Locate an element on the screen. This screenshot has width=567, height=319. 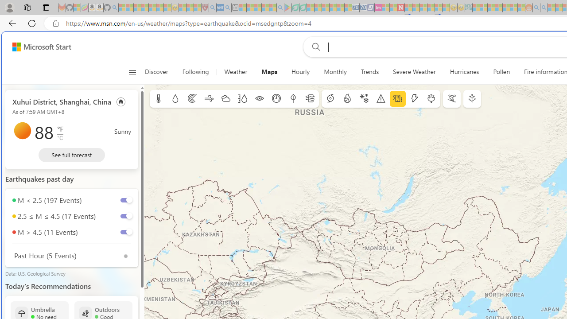
'MSNBC - MSN - Sleeping' is located at coordinates (476, 8).